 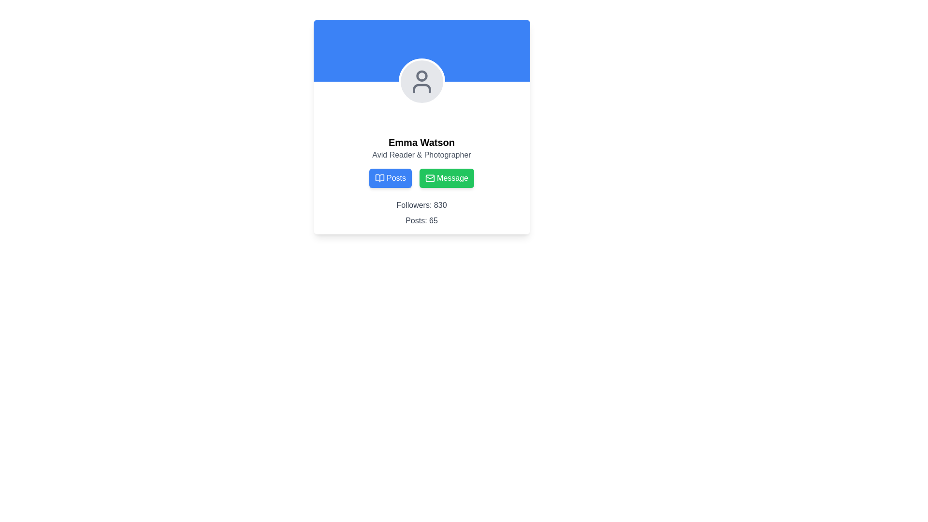 What do you see at coordinates (421, 220) in the screenshot?
I see `the text element that displays 'Posts: 65' located in a white card interface, positioned below 'Followers: 830'` at bounding box center [421, 220].